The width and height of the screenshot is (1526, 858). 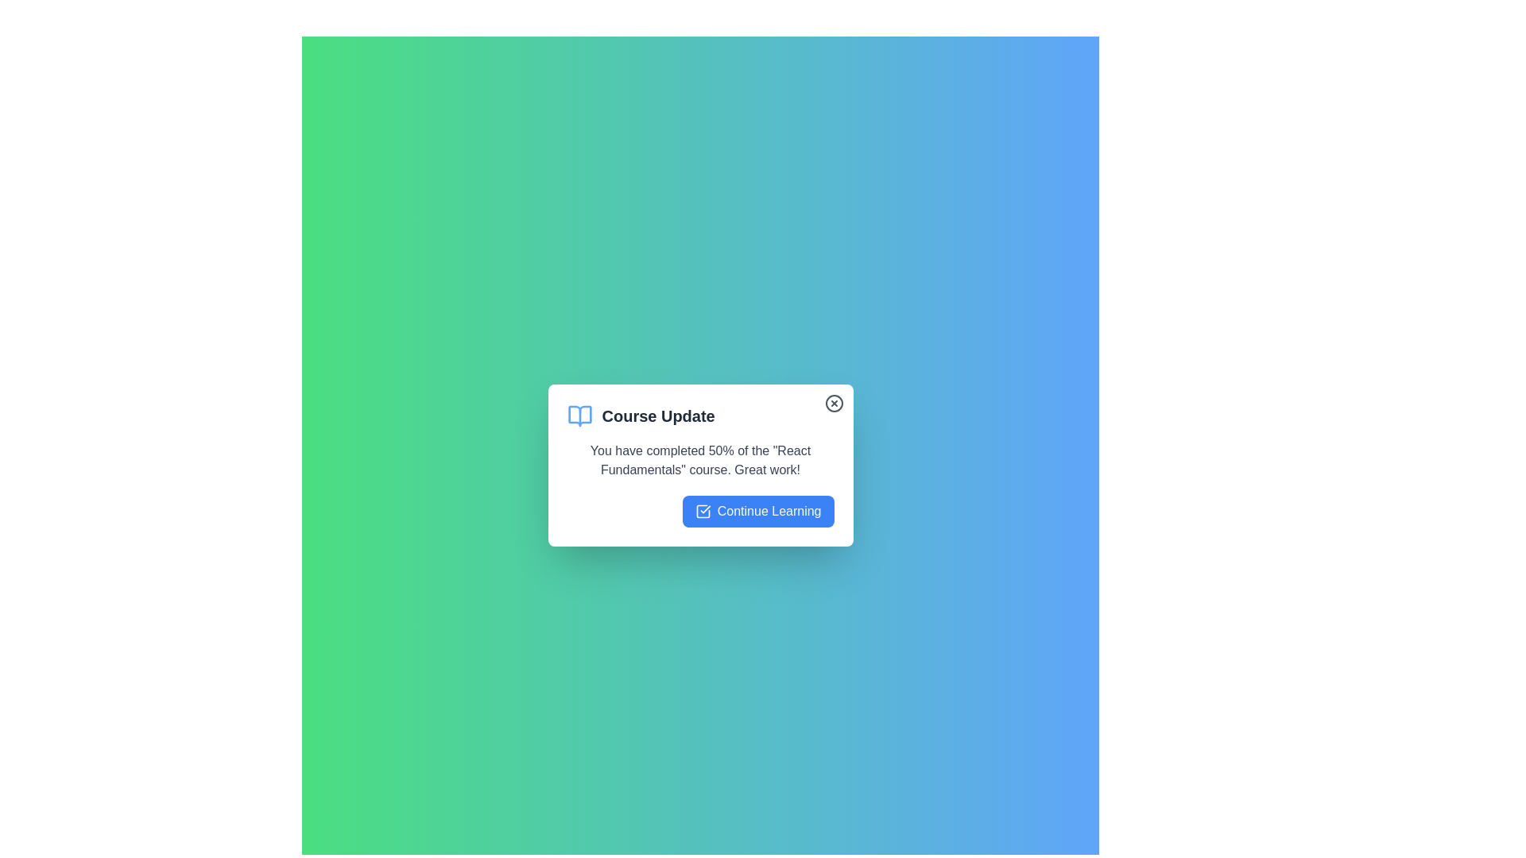 I want to click on the SVG checkbox icon with a checkmark located on the left side of the blue 'Continue Learning' button, so click(x=702, y=512).